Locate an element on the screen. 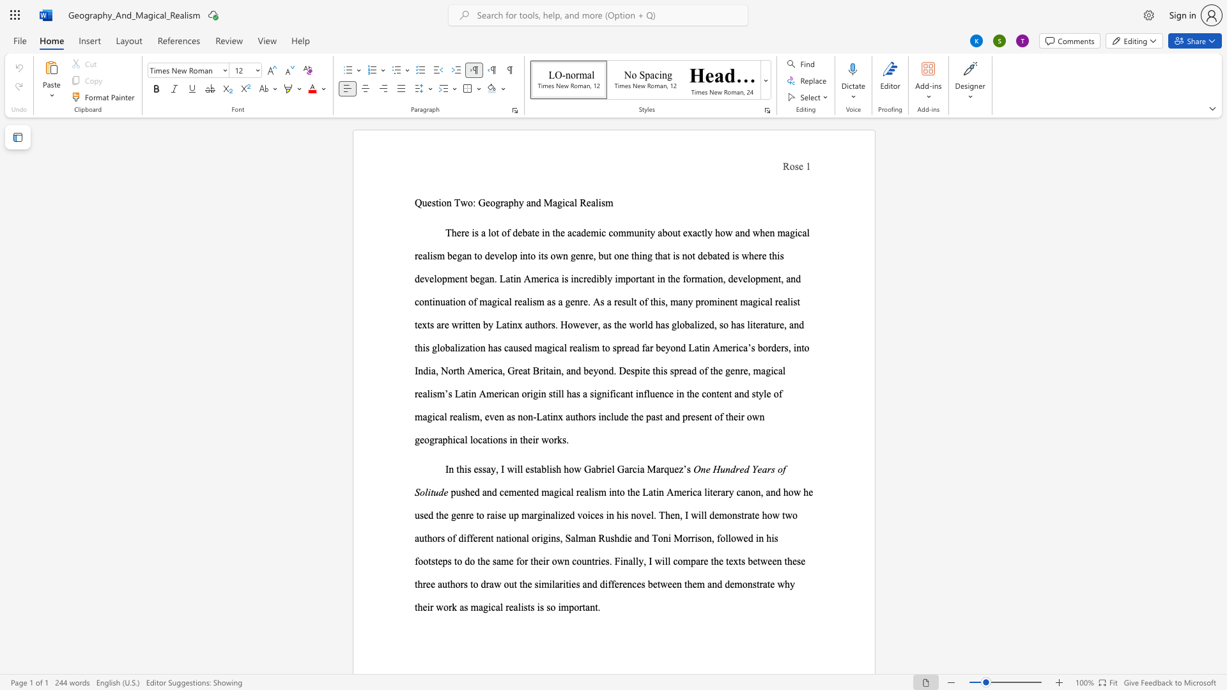  the 2th character "e" in the text is located at coordinates (670, 393).